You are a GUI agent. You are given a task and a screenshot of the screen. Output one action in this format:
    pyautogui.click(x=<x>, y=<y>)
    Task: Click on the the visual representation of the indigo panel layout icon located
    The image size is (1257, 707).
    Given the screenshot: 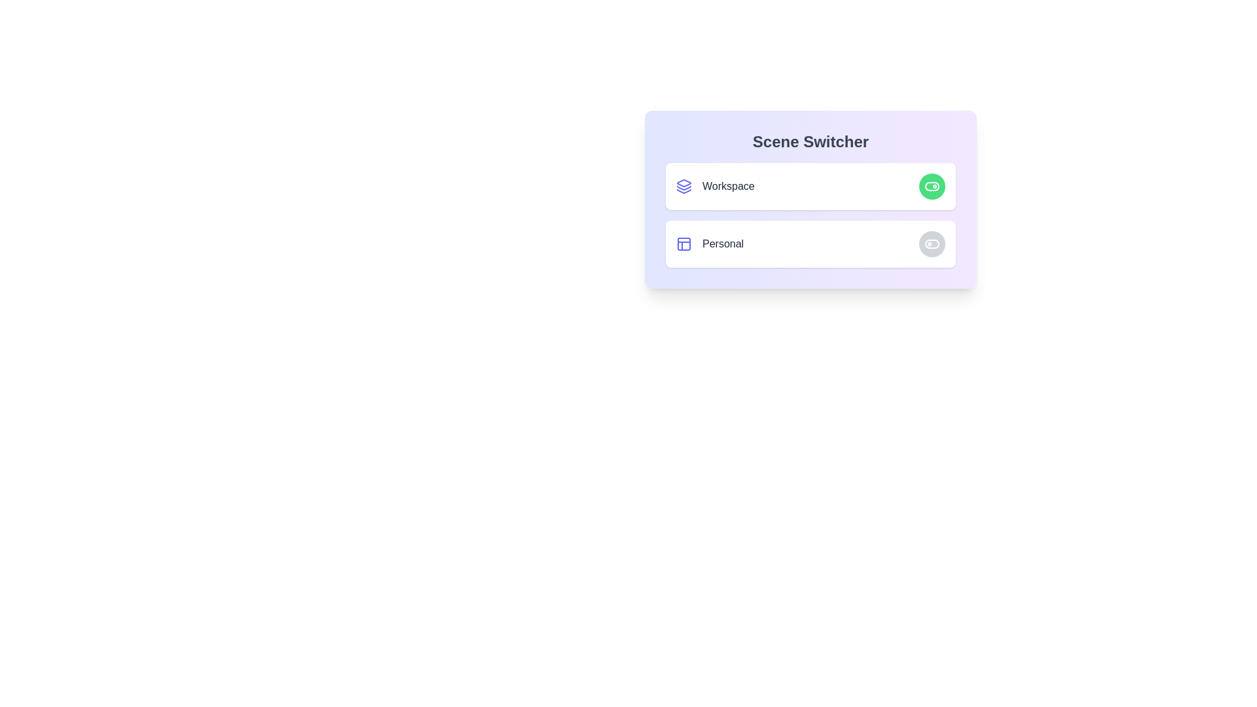 What is the action you would take?
    pyautogui.click(x=683, y=244)
    